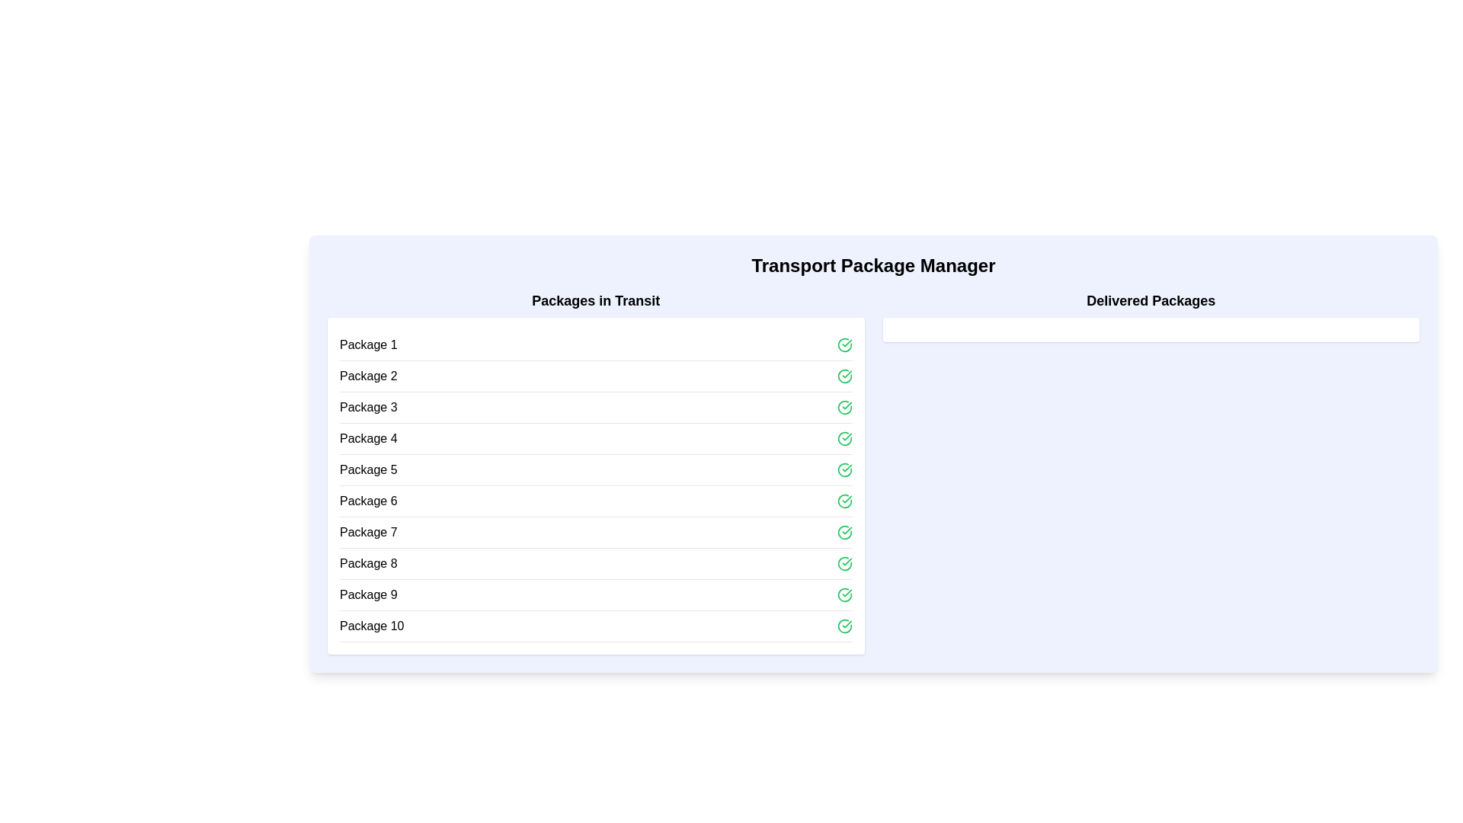  What do you see at coordinates (368, 564) in the screenshot?
I see `the text label displaying 'Package 8' in black font` at bounding box center [368, 564].